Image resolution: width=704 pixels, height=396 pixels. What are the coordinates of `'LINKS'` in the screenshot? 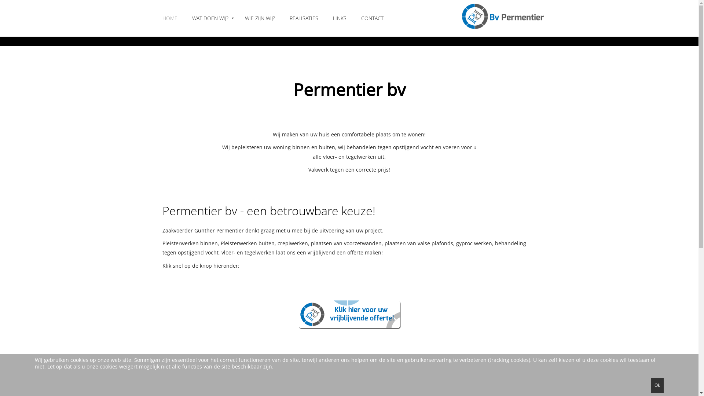 It's located at (339, 18).